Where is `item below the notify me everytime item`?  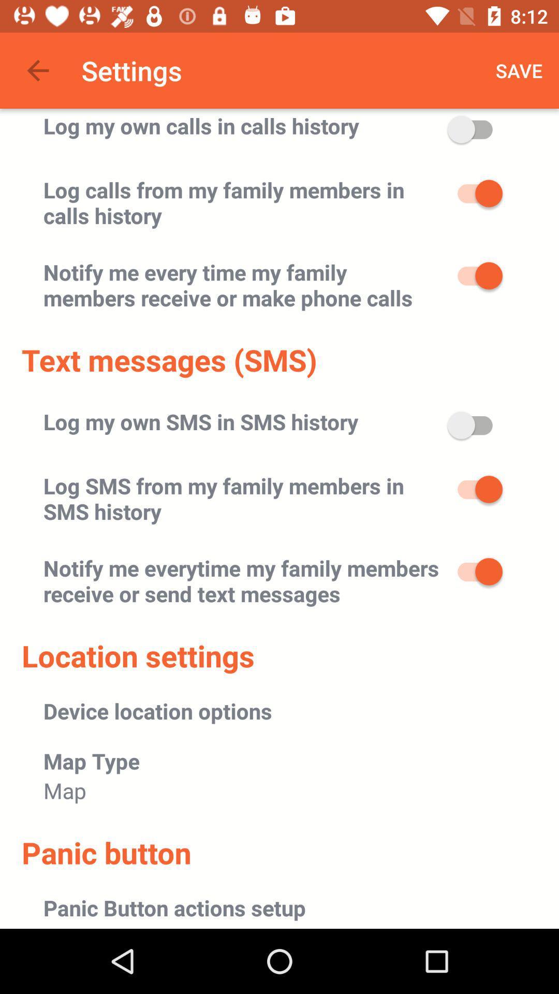
item below the notify me everytime item is located at coordinates (137, 655).